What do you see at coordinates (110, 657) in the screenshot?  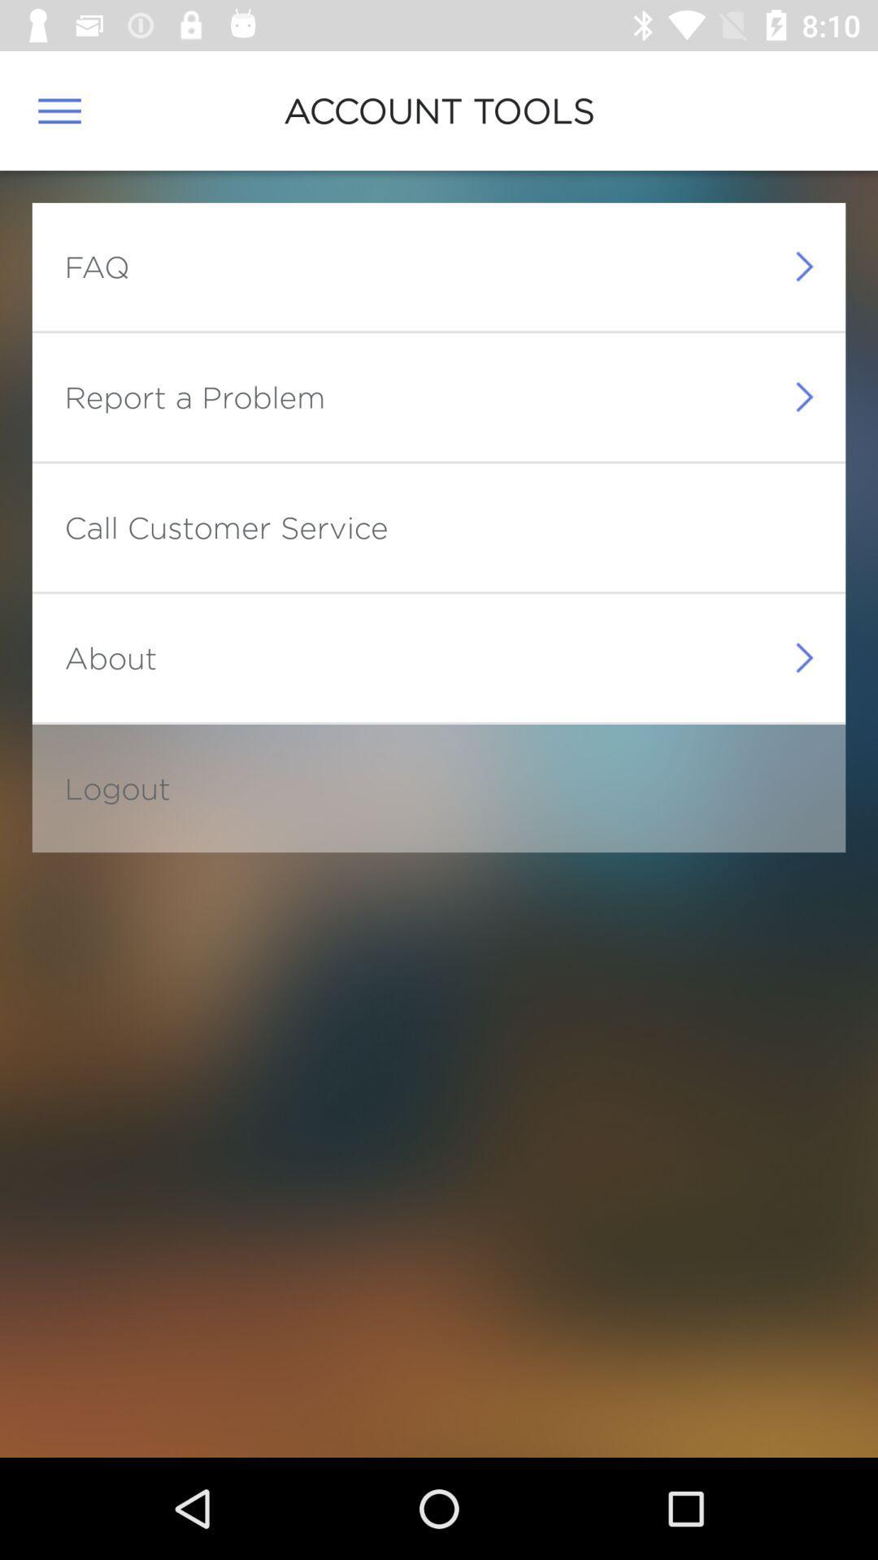 I see `the about app` at bounding box center [110, 657].